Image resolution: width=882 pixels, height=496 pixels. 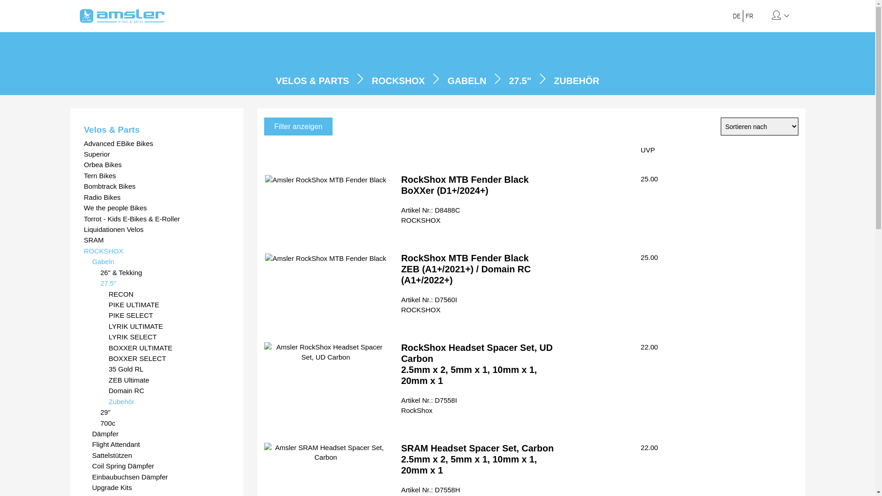 I want to click on 'Liquidationen Velos', so click(x=156, y=229).